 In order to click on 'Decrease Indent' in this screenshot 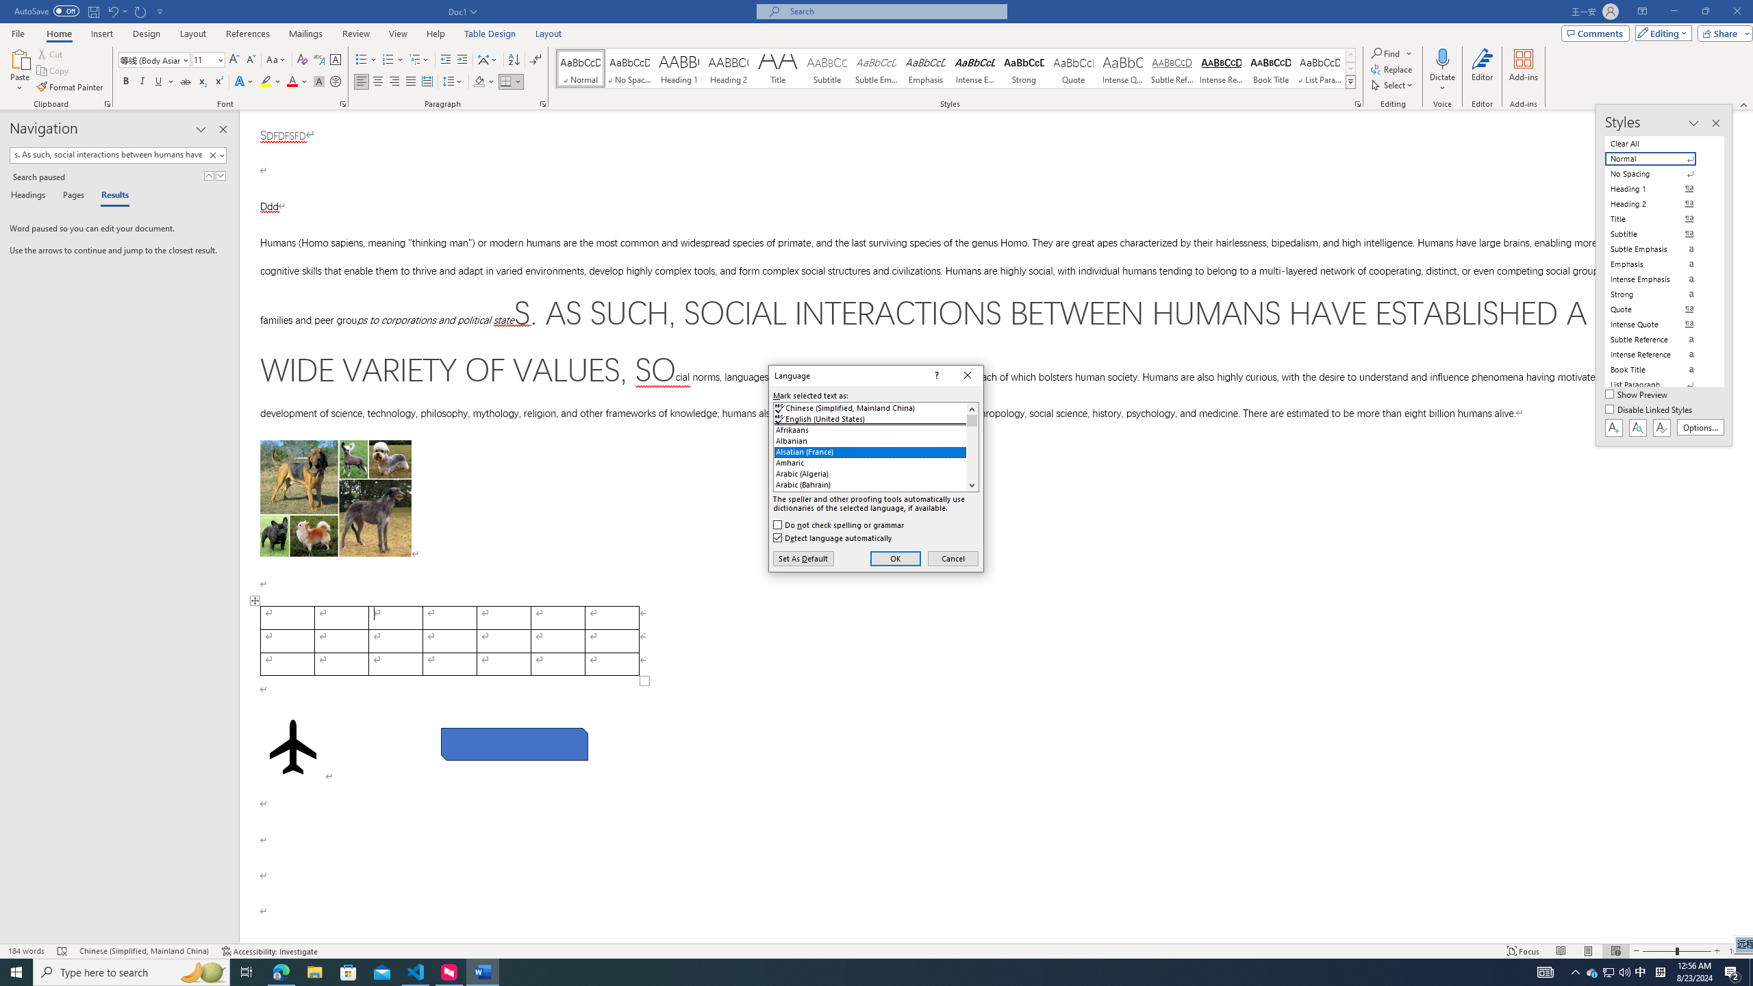, I will do `click(446, 60)`.